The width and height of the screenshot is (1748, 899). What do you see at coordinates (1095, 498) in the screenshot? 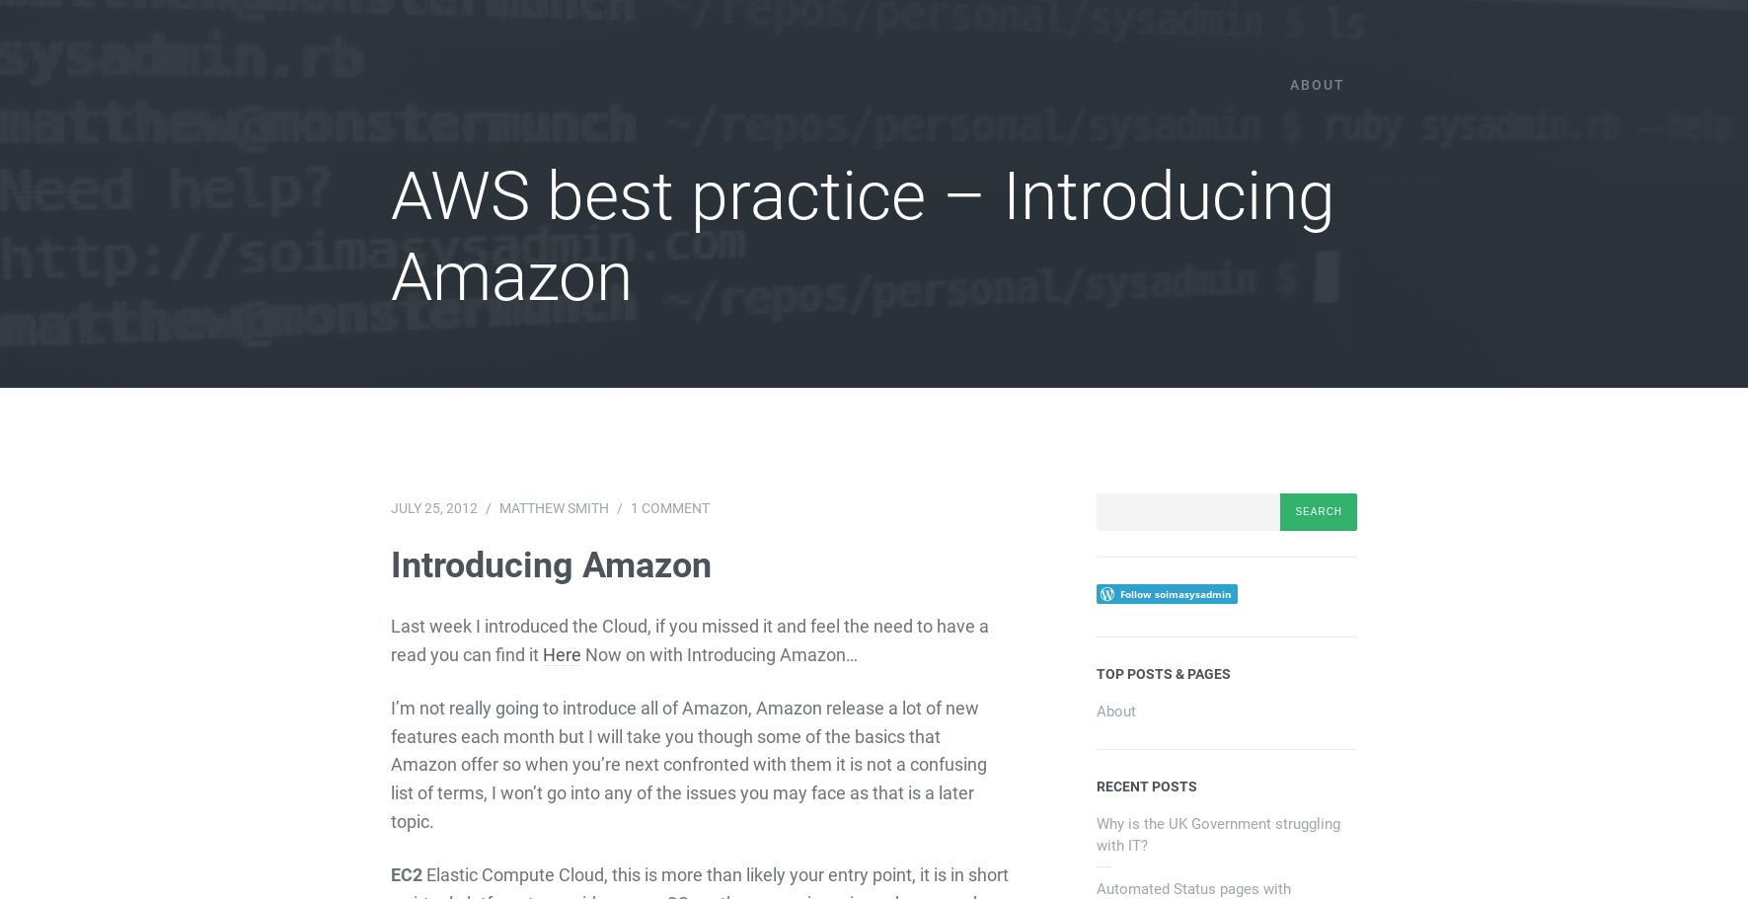
I see `'Search'` at bounding box center [1095, 498].